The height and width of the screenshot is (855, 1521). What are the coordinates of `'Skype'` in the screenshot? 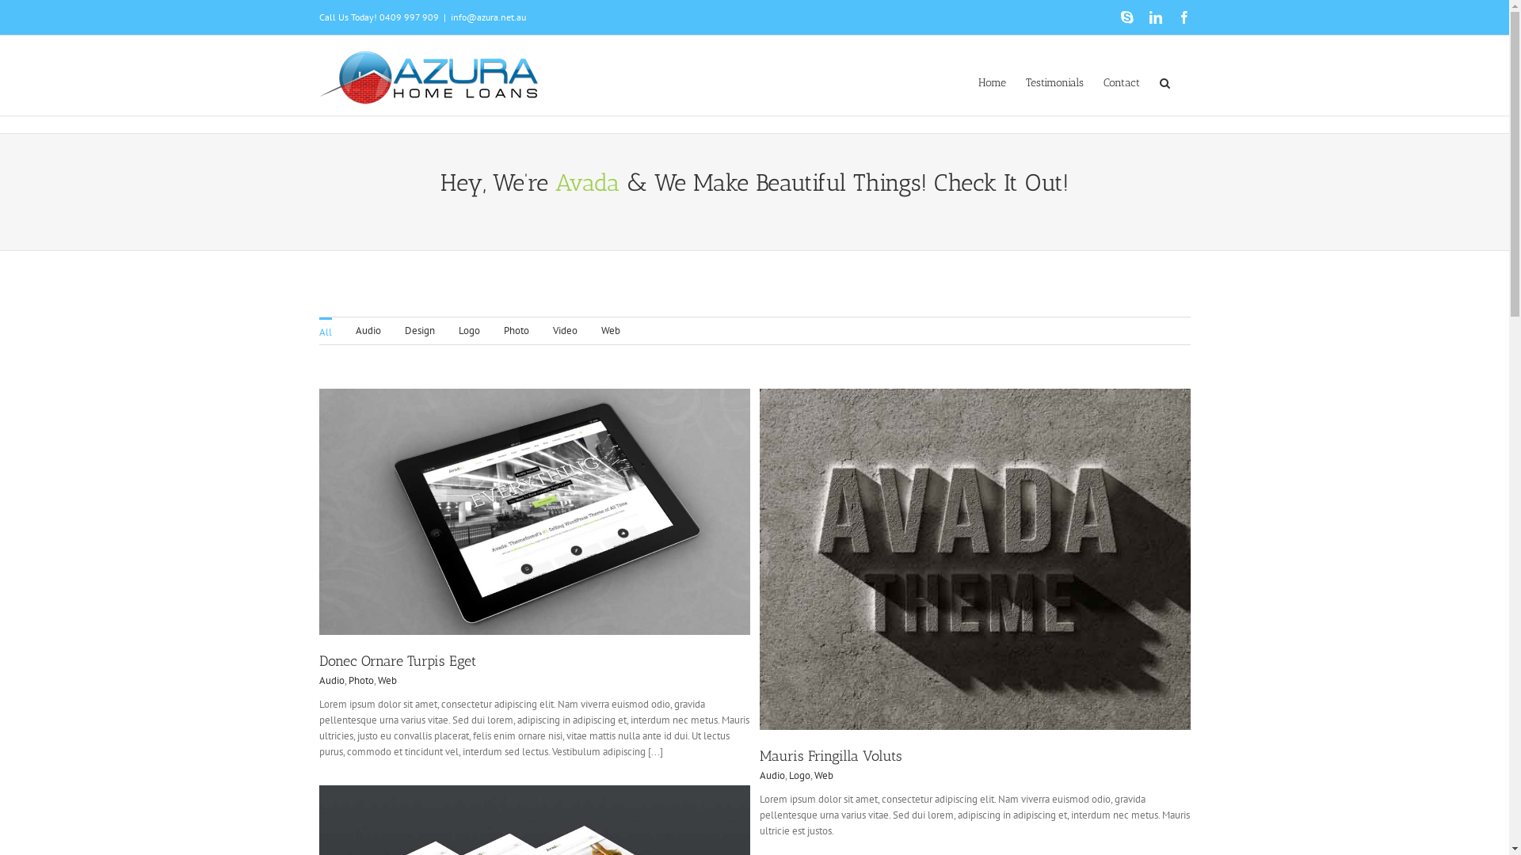 It's located at (1125, 17).